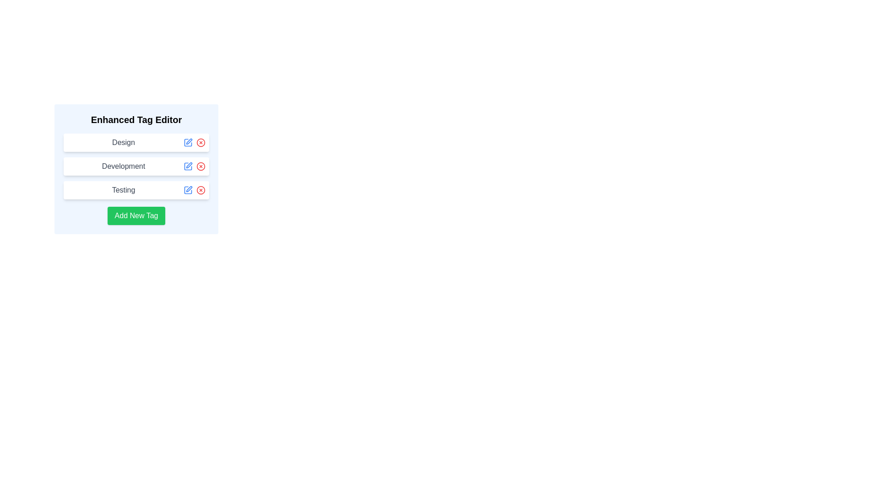 This screenshot has width=879, height=494. Describe the element at coordinates (189, 188) in the screenshot. I see `the edit icon for the 'Testing' tag in the 'Enhanced Tag Editor' interface, which is located to the right of the 'Testing' label` at that location.